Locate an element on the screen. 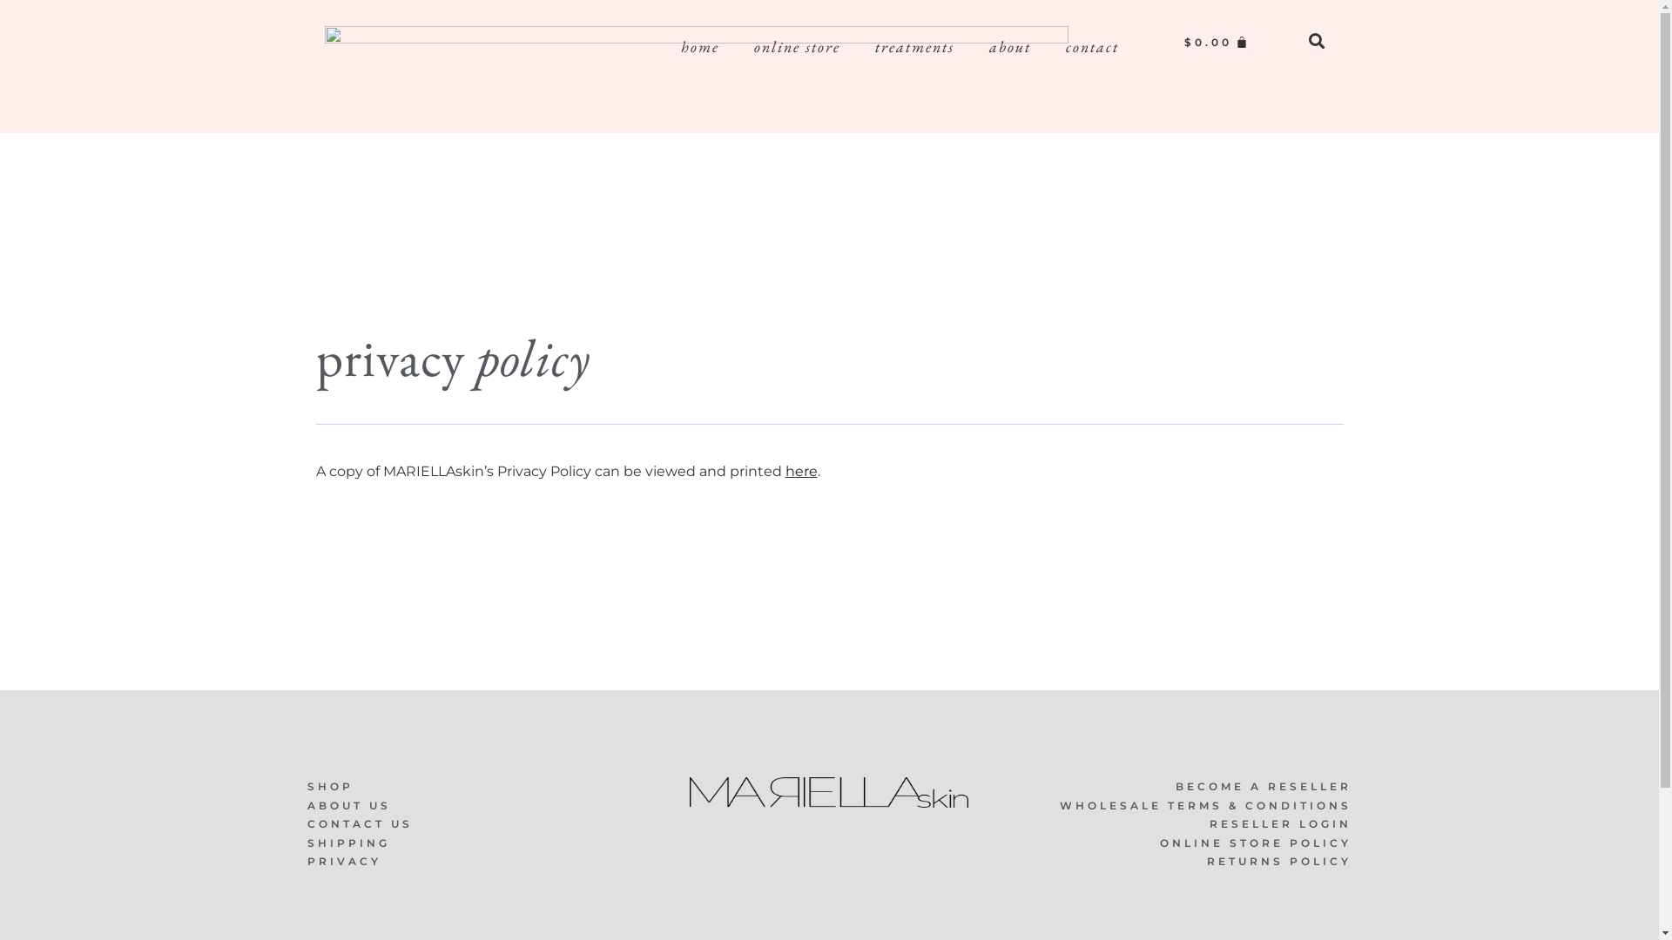 The width and height of the screenshot is (1672, 940). 'SHIPPING' is located at coordinates (481, 842).